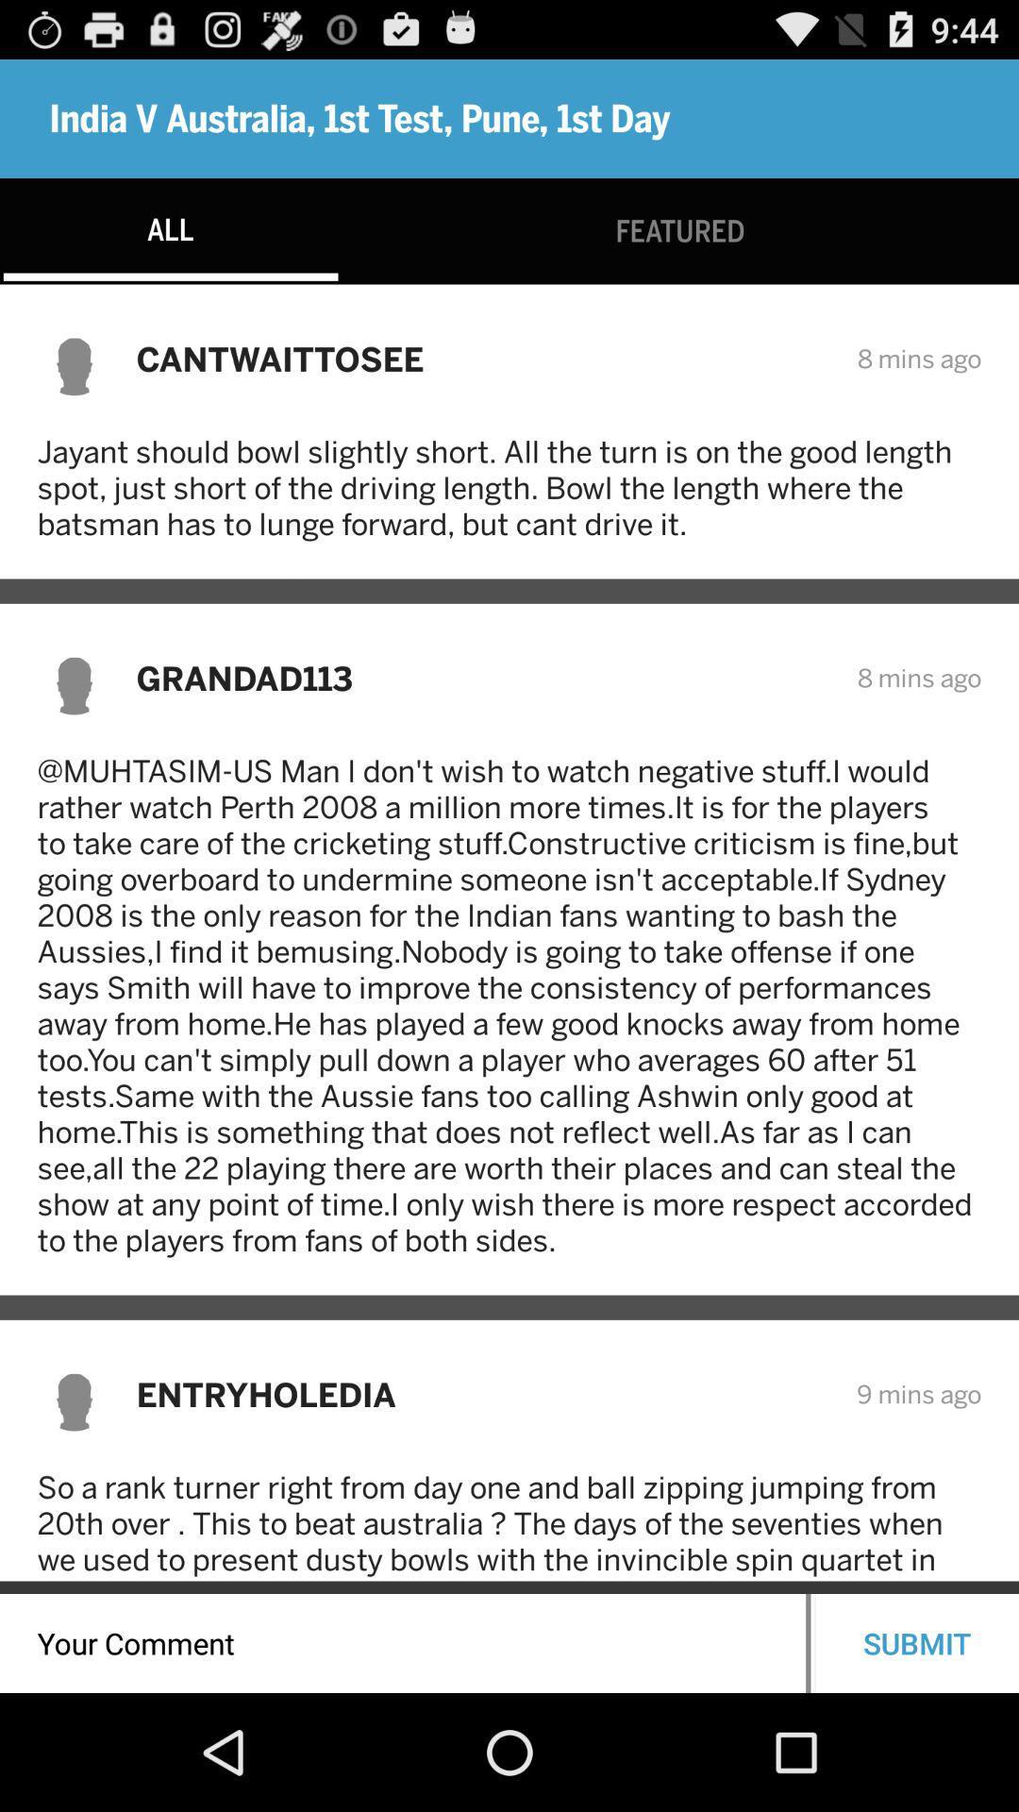  Describe the element at coordinates (402, 1642) in the screenshot. I see `a comment` at that location.